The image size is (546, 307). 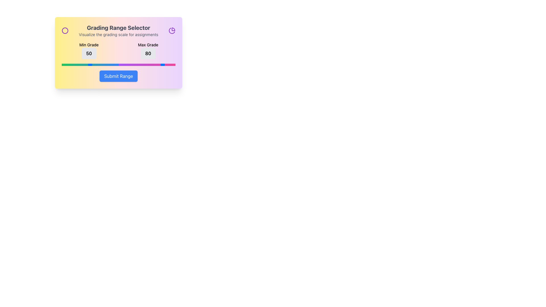 I want to click on the 'Grading Range Selector' text label, which is styled in bold, larger font and positioned at the top of a gradient card-like interface, so click(x=118, y=28).